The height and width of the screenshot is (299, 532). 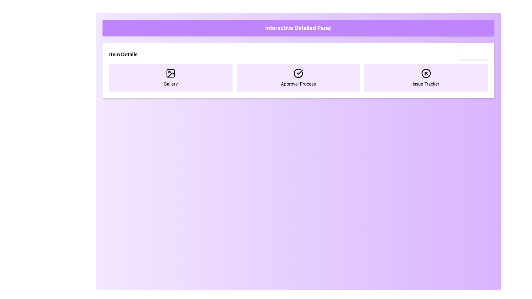 I want to click on the approval icon located within the 'Approval Process' block, which is the middle card among three horizontally aligned cards in the 'Item Details' section of the interface, so click(x=300, y=72).